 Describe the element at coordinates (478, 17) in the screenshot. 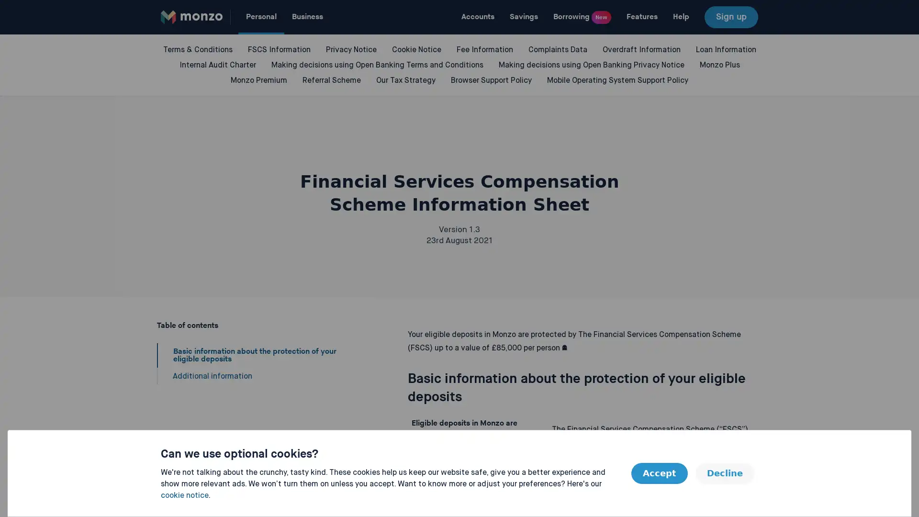

I see `Accounts` at that location.